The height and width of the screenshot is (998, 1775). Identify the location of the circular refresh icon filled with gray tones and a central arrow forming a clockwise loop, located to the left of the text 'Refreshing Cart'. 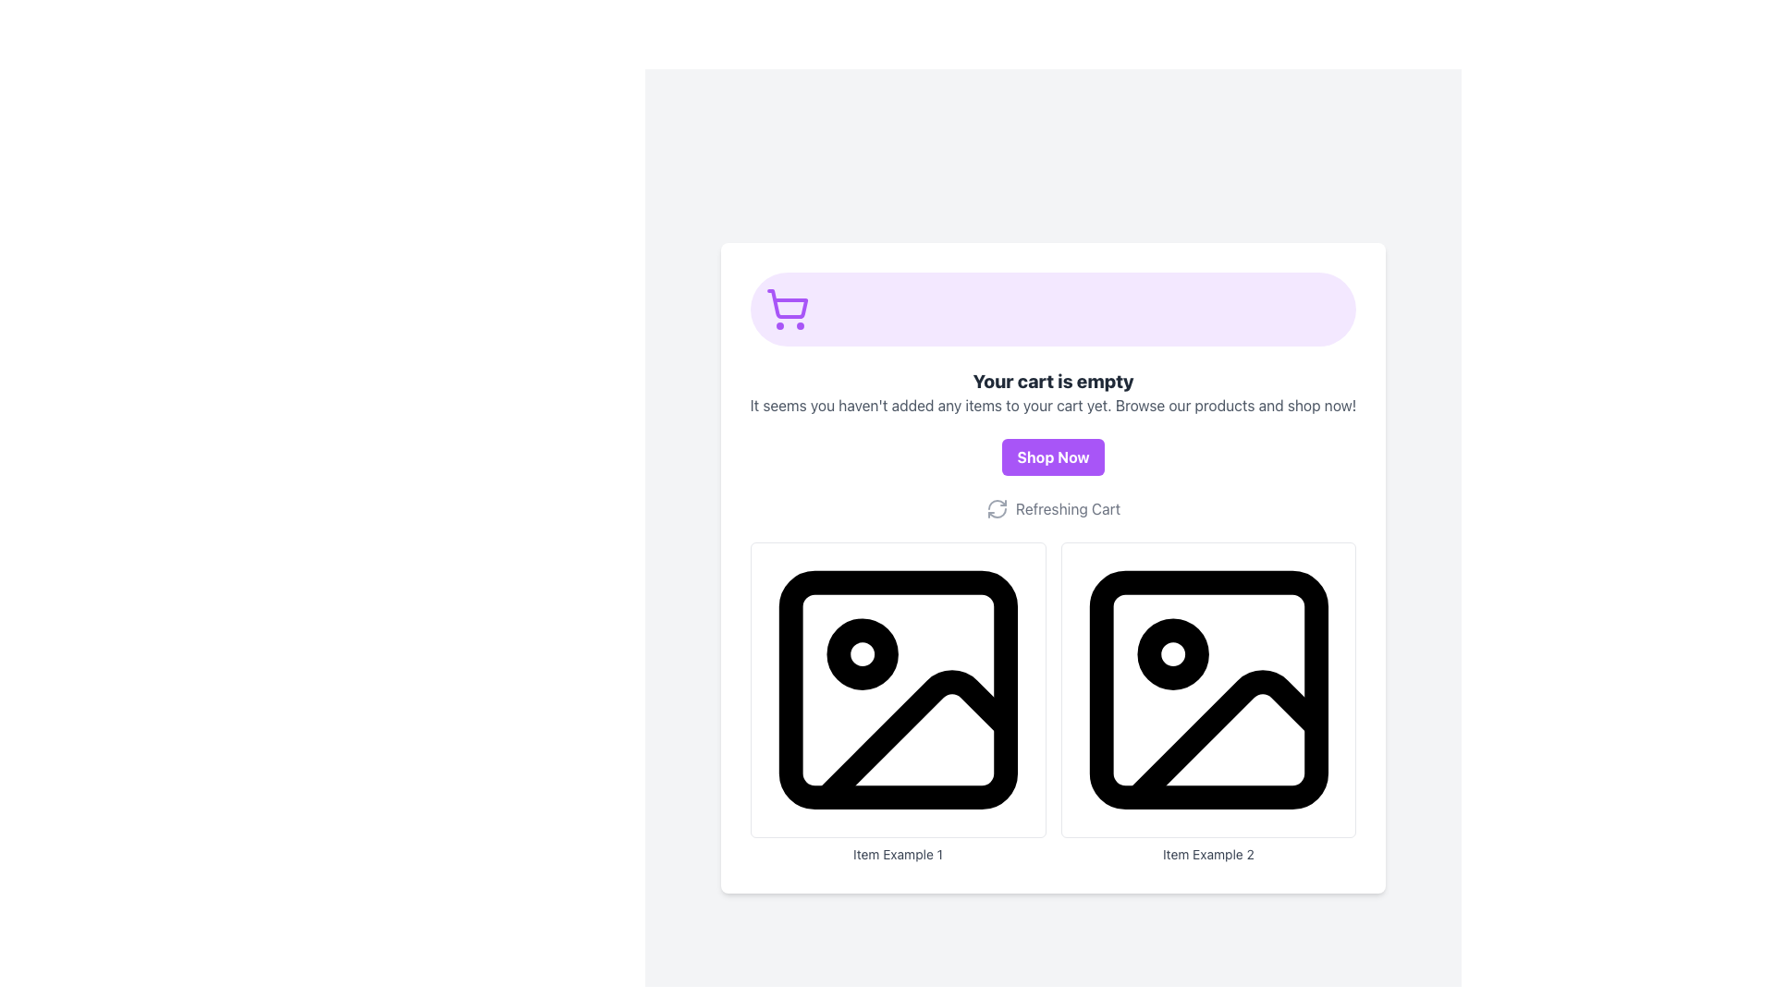
(996, 509).